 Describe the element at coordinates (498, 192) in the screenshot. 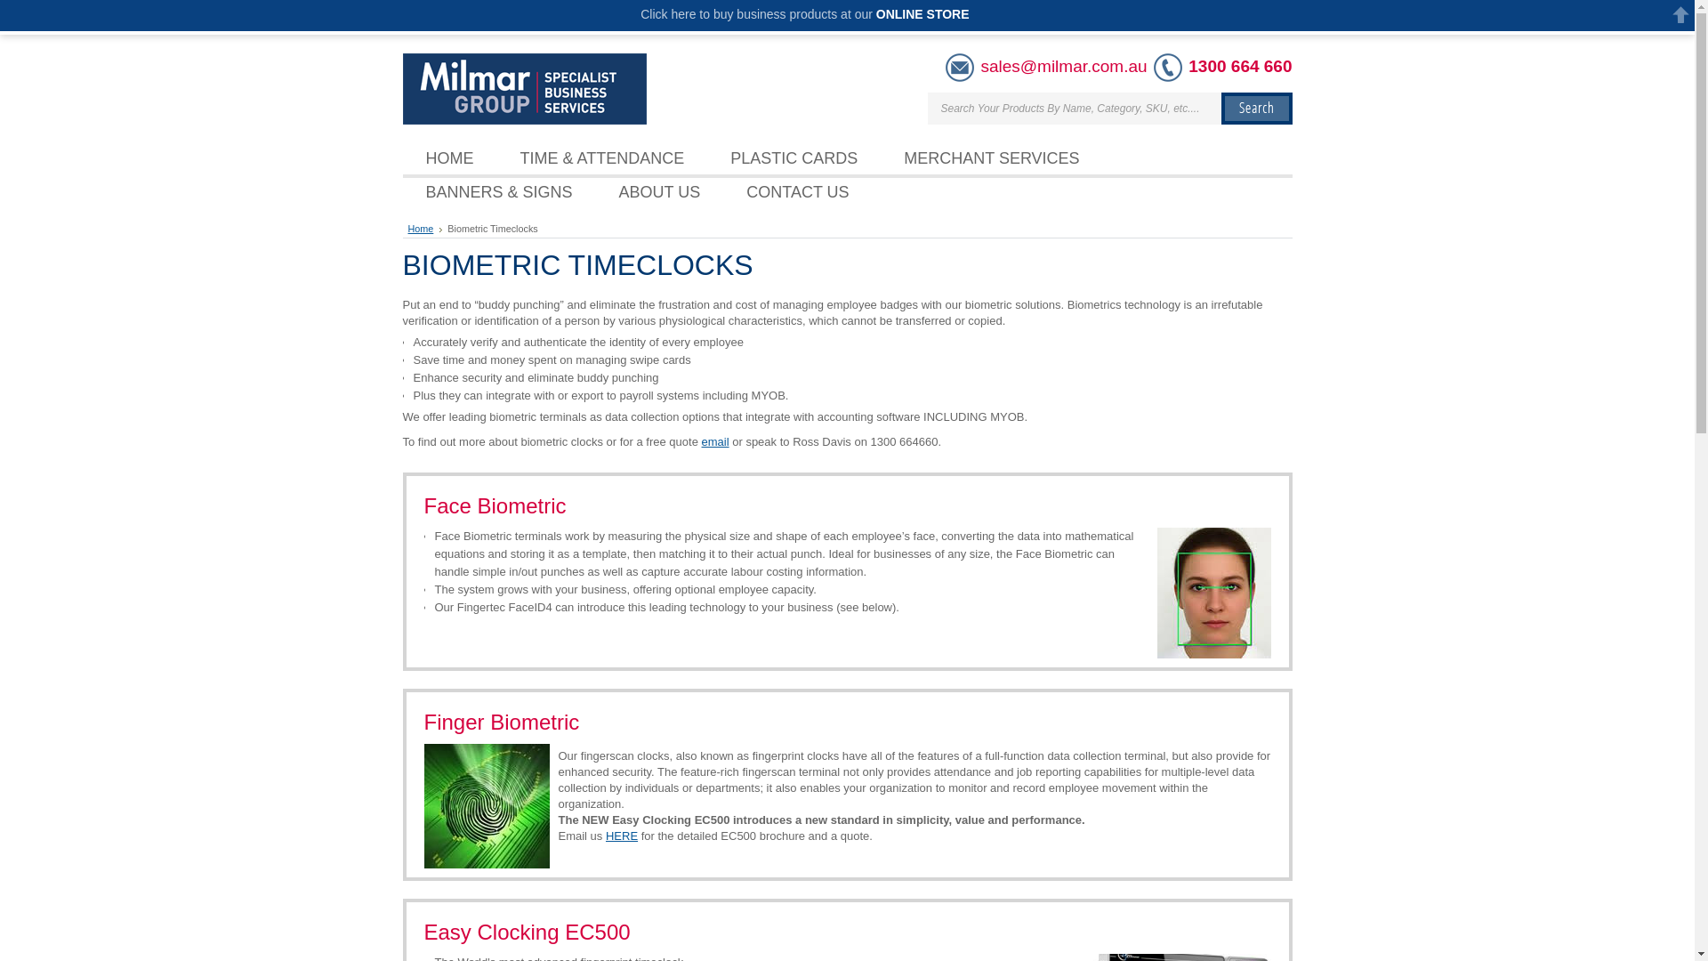

I see `'BANNERS & SIGNS'` at that location.